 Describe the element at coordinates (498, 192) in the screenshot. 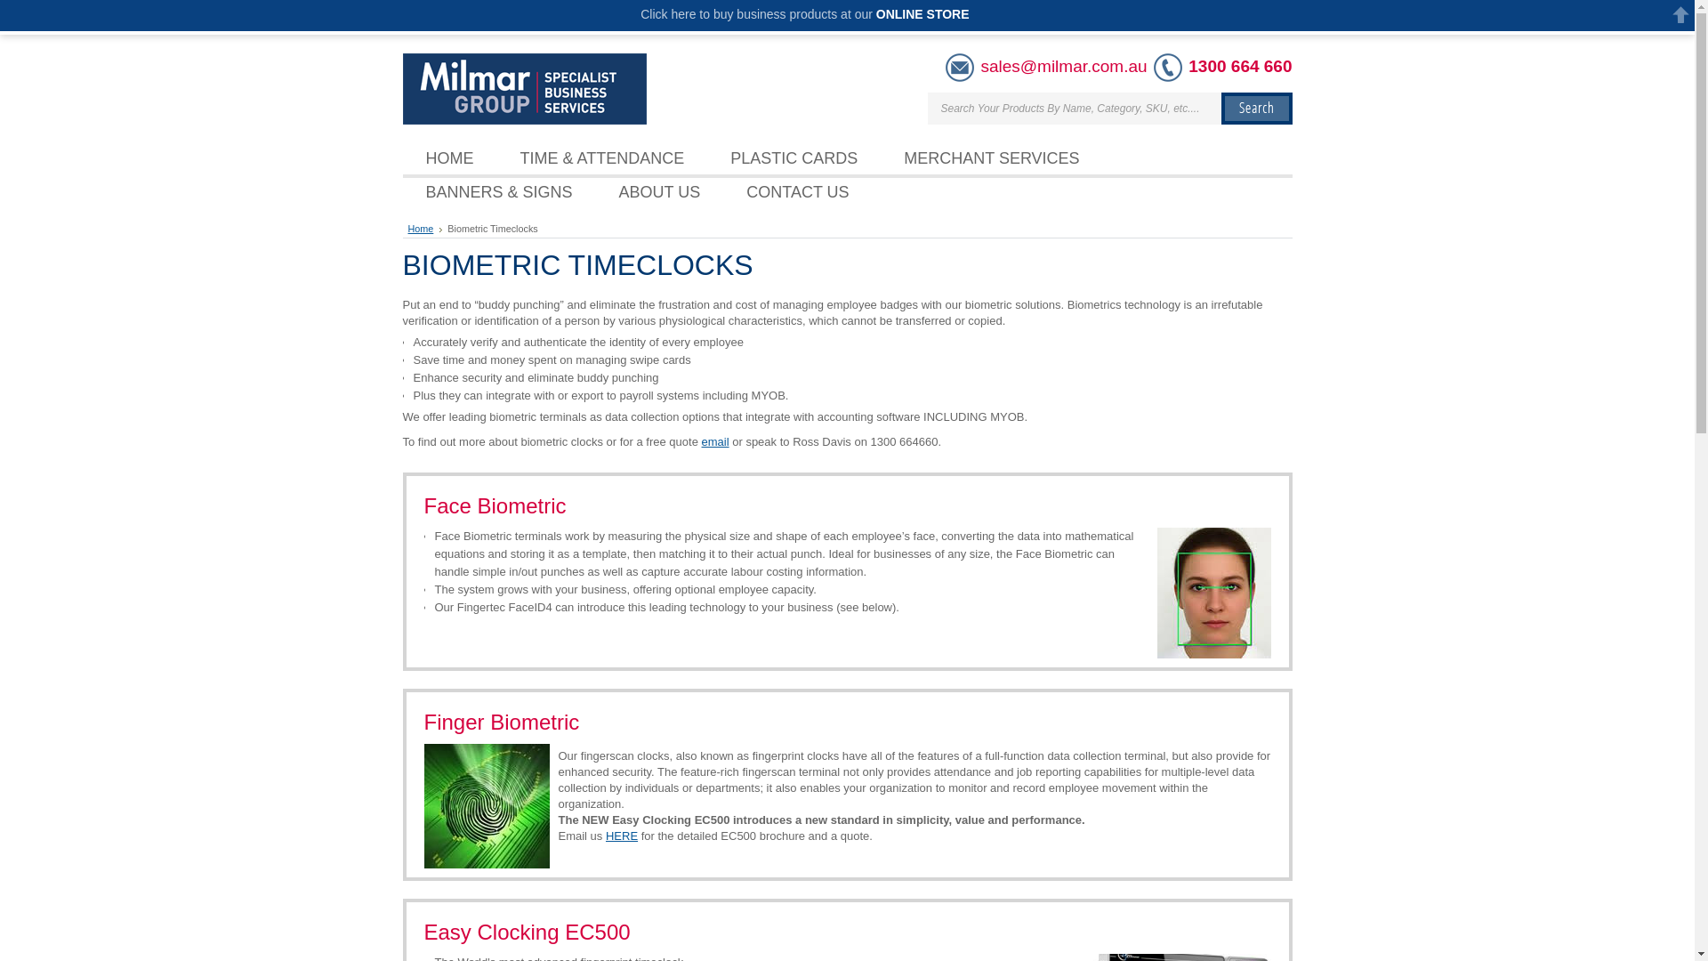

I see `'BANNERS & SIGNS'` at that location.